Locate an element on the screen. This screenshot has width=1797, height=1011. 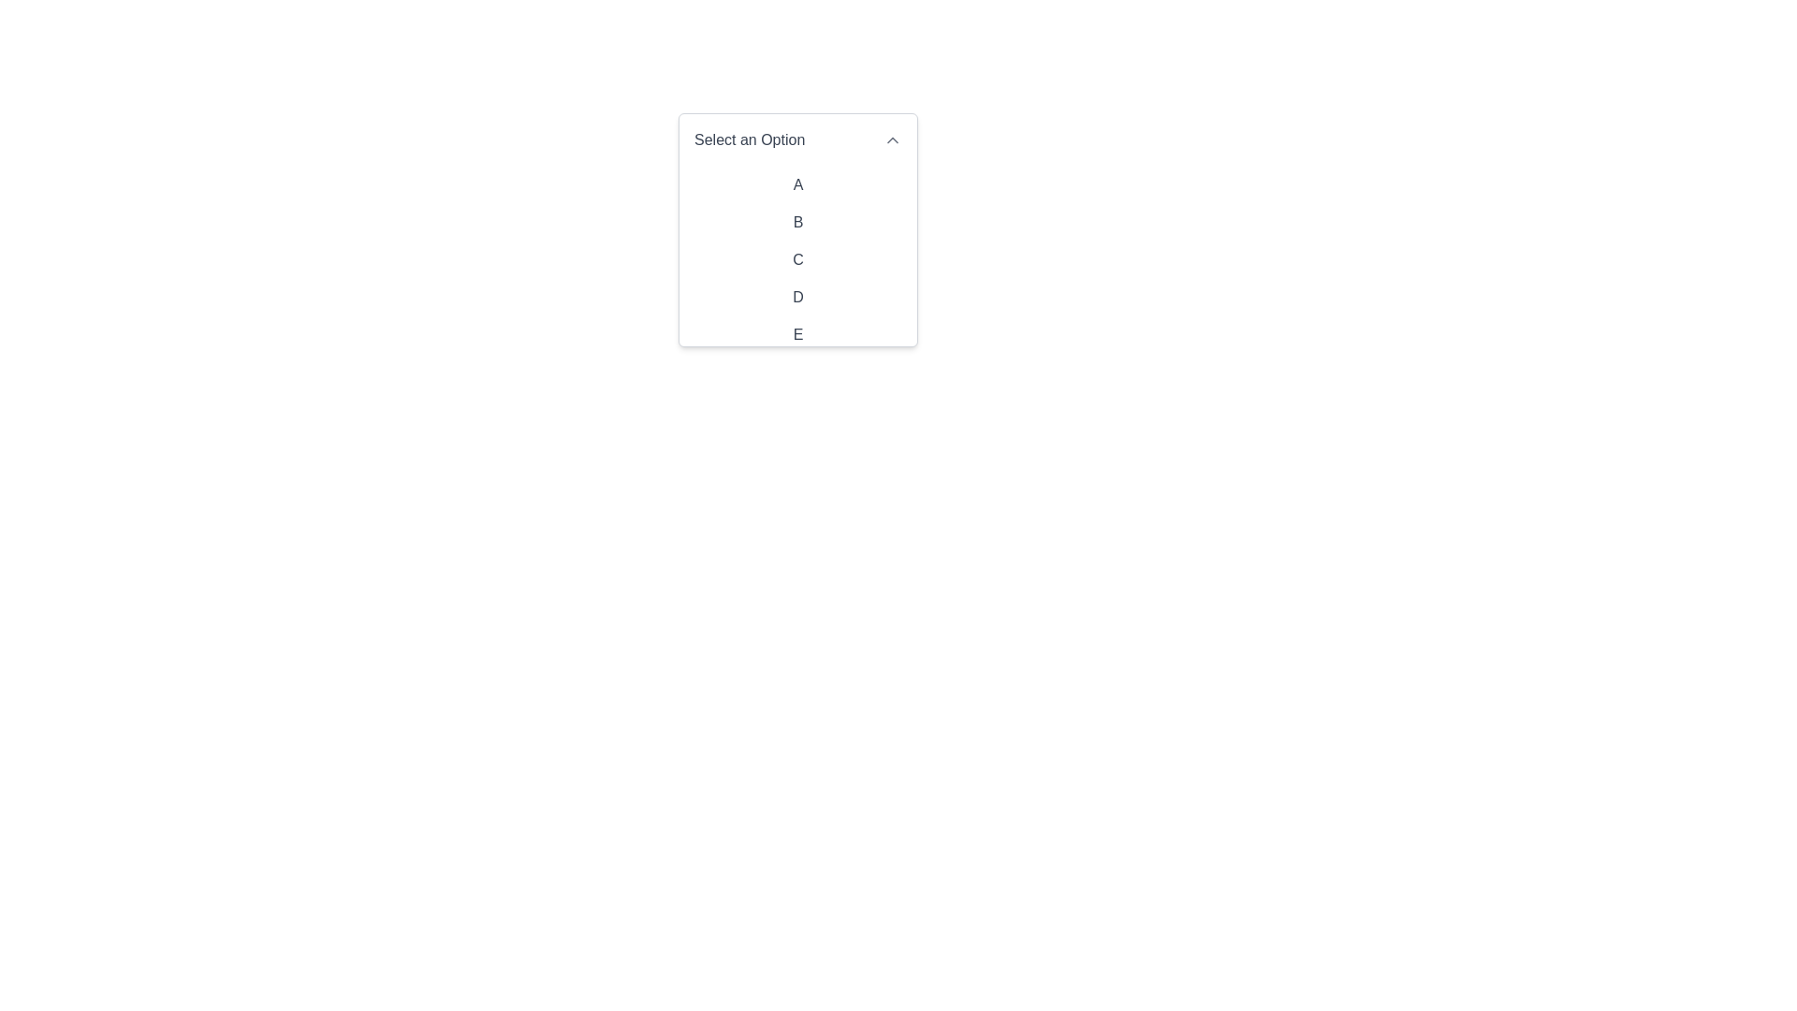
the Menu Item with the uppercase 'C' character, which is the third item in the dropdown menu is located at coordinates (798, 259).